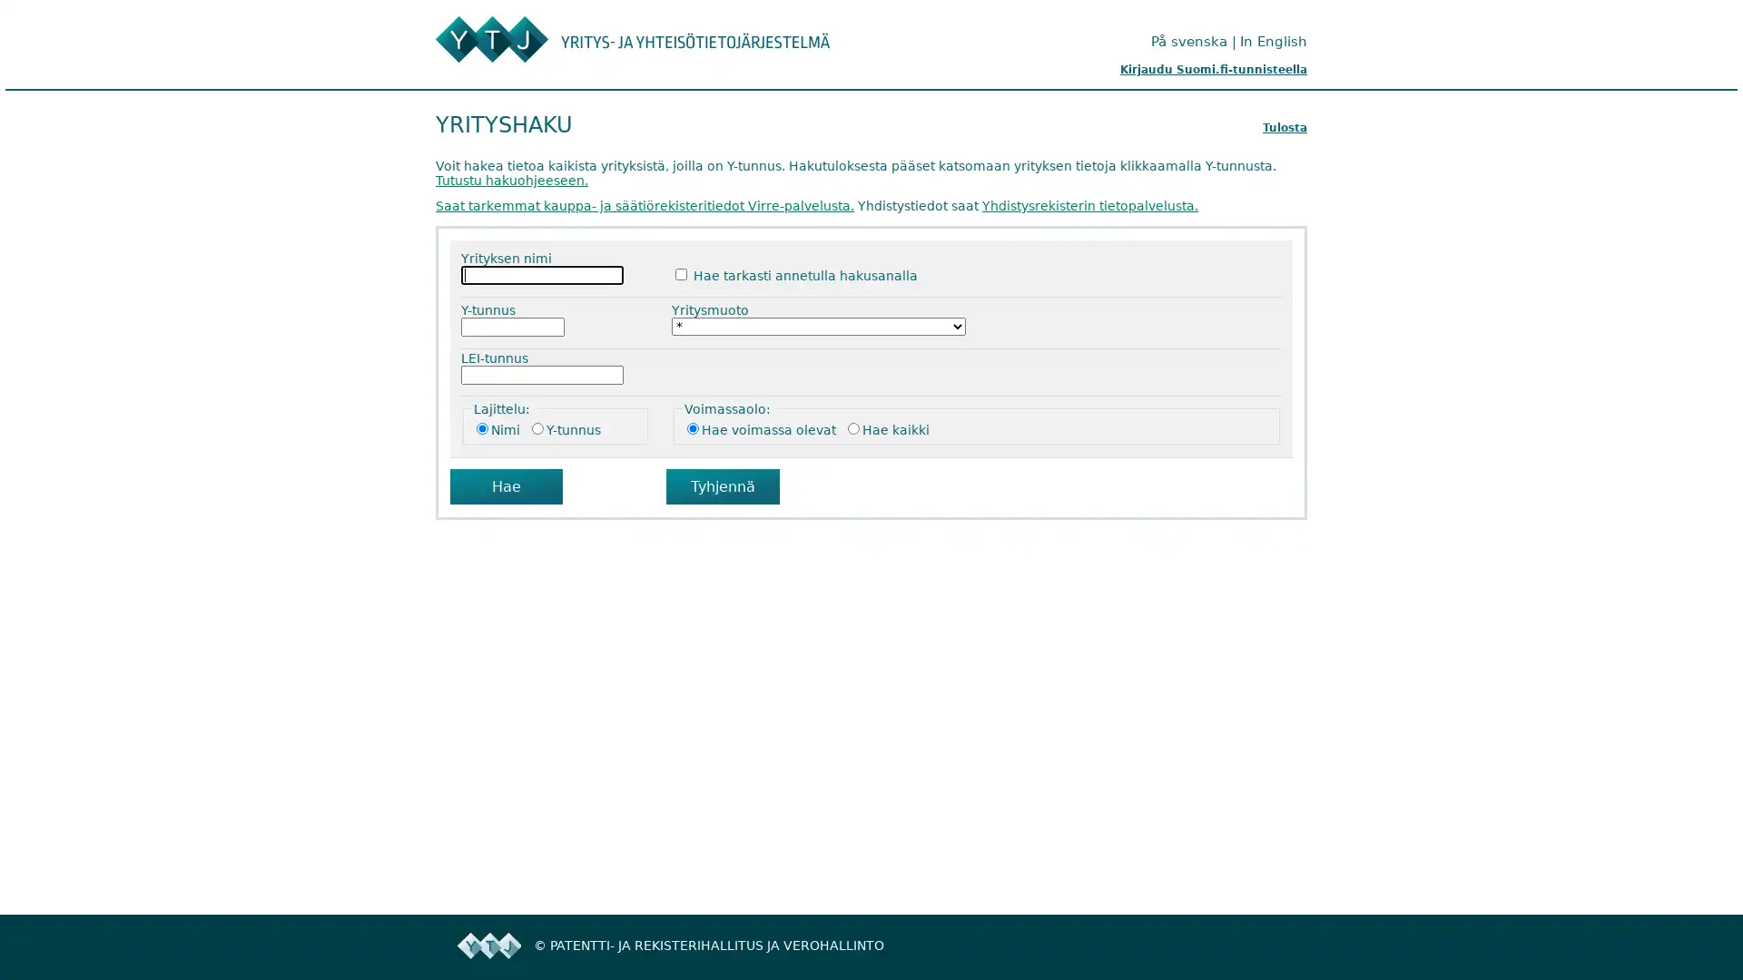 This screenshot has height=980, width=1743. What do you see at coordinates (721, 485) in the screenshot?
I see `Tyhjenna` at bounding box center [721, 485].